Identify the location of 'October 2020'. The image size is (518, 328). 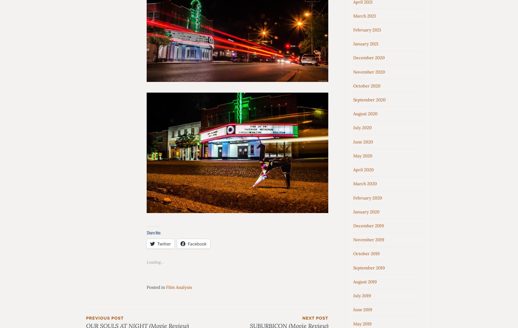
(366, 85).